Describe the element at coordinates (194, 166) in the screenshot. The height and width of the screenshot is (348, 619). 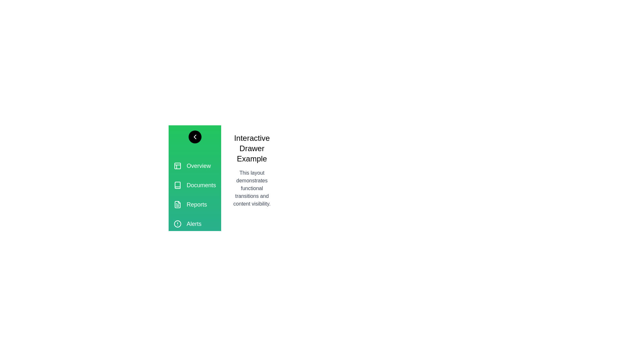
I see `the section Overview to observe the hover effect` at that location.